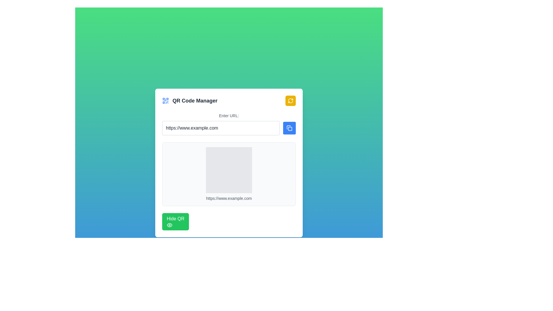 The width and height of the screenshot is (553, 311). What do you see at coordinates (229, 124) in the screenshot?
I see `the labeled input field that says 'Enter URL:' to input a URL` at bounding box center [229, 124].